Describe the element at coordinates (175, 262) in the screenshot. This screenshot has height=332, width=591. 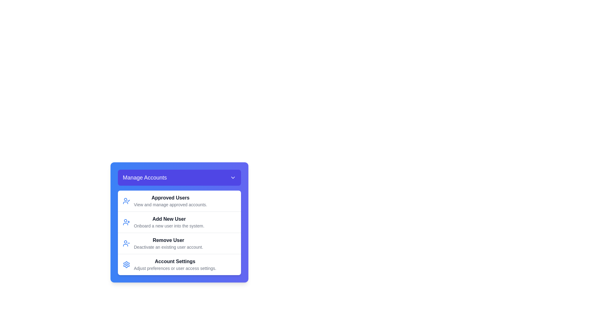
I see `the bold, dark-gray text label reading 'Account Settings' located at the bottom of the 'Manage Accounts' menu panel` at that location.